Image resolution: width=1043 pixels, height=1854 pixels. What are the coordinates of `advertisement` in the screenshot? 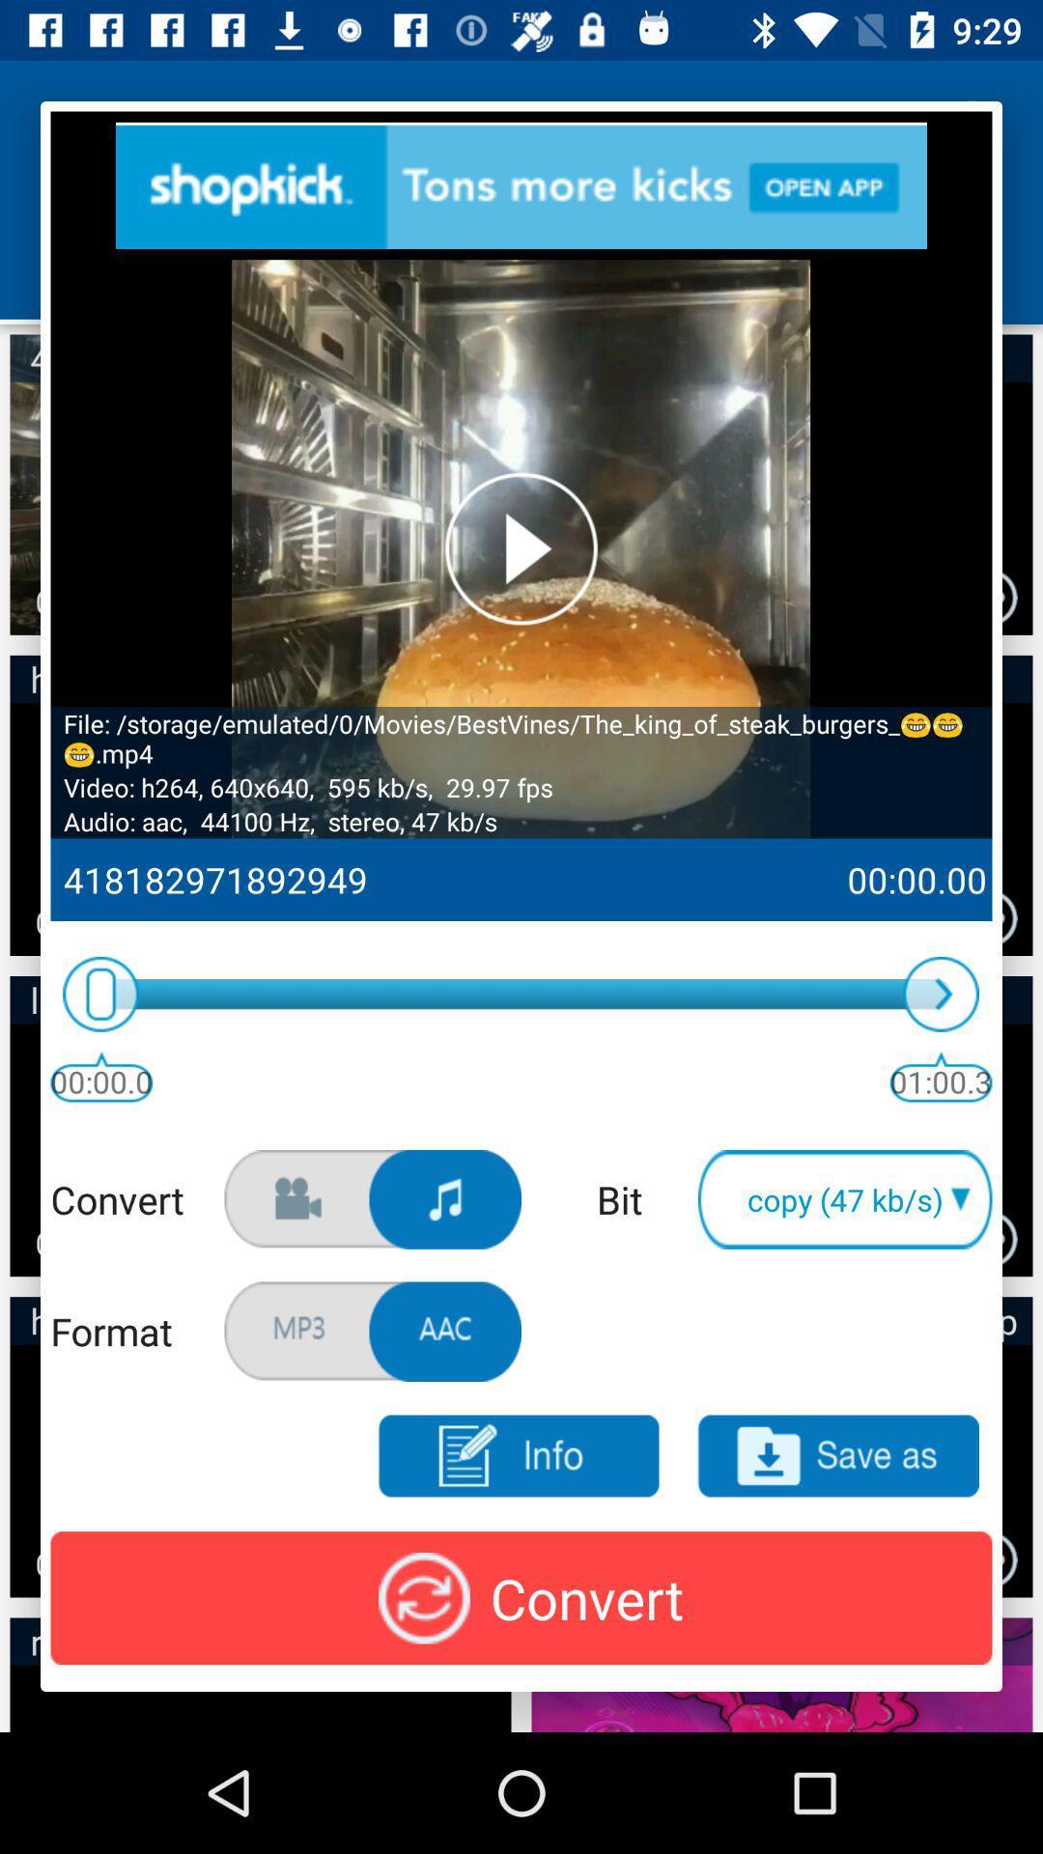 It's located at (521, 185).